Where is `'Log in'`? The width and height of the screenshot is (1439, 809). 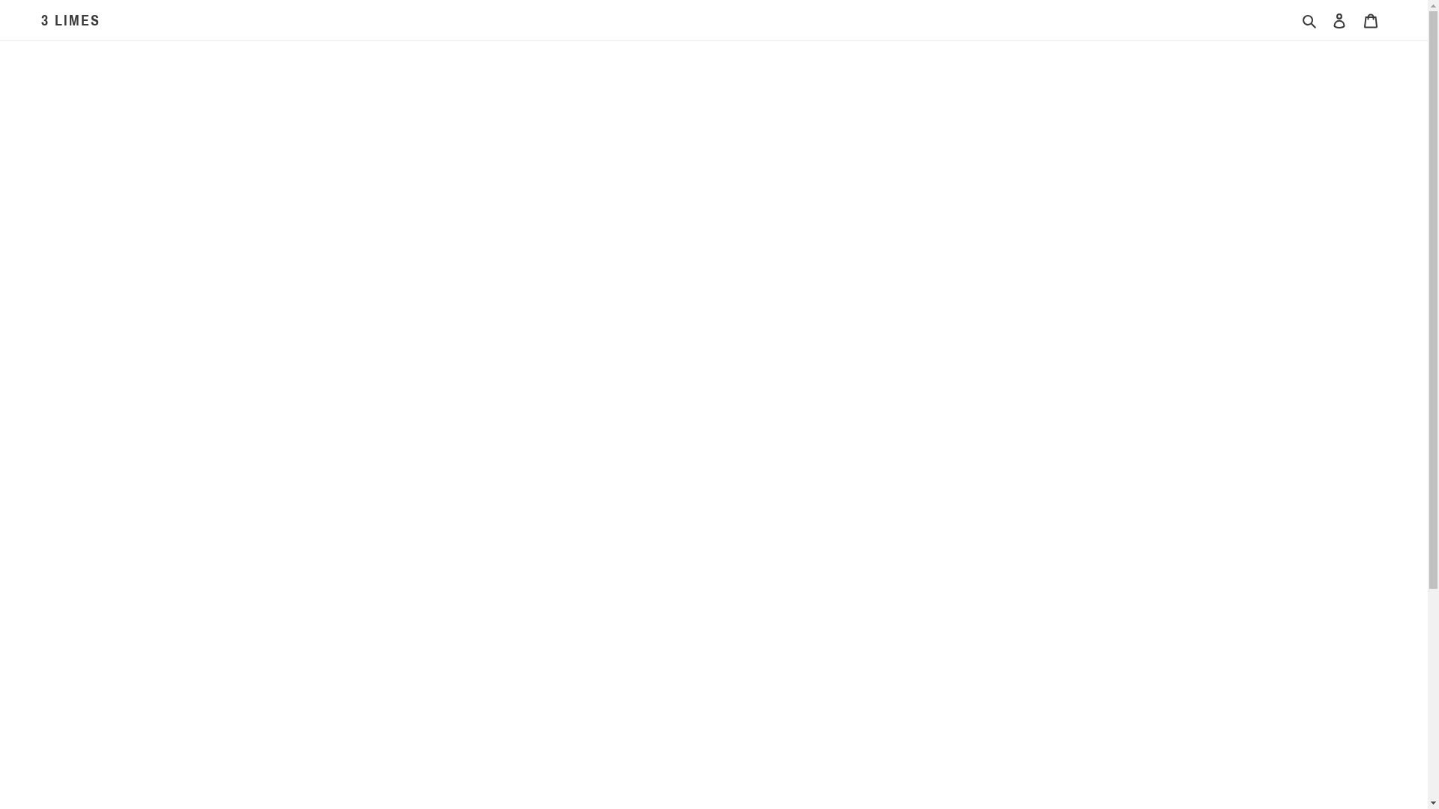 'Log in' is located at coordinates (1339, 20).